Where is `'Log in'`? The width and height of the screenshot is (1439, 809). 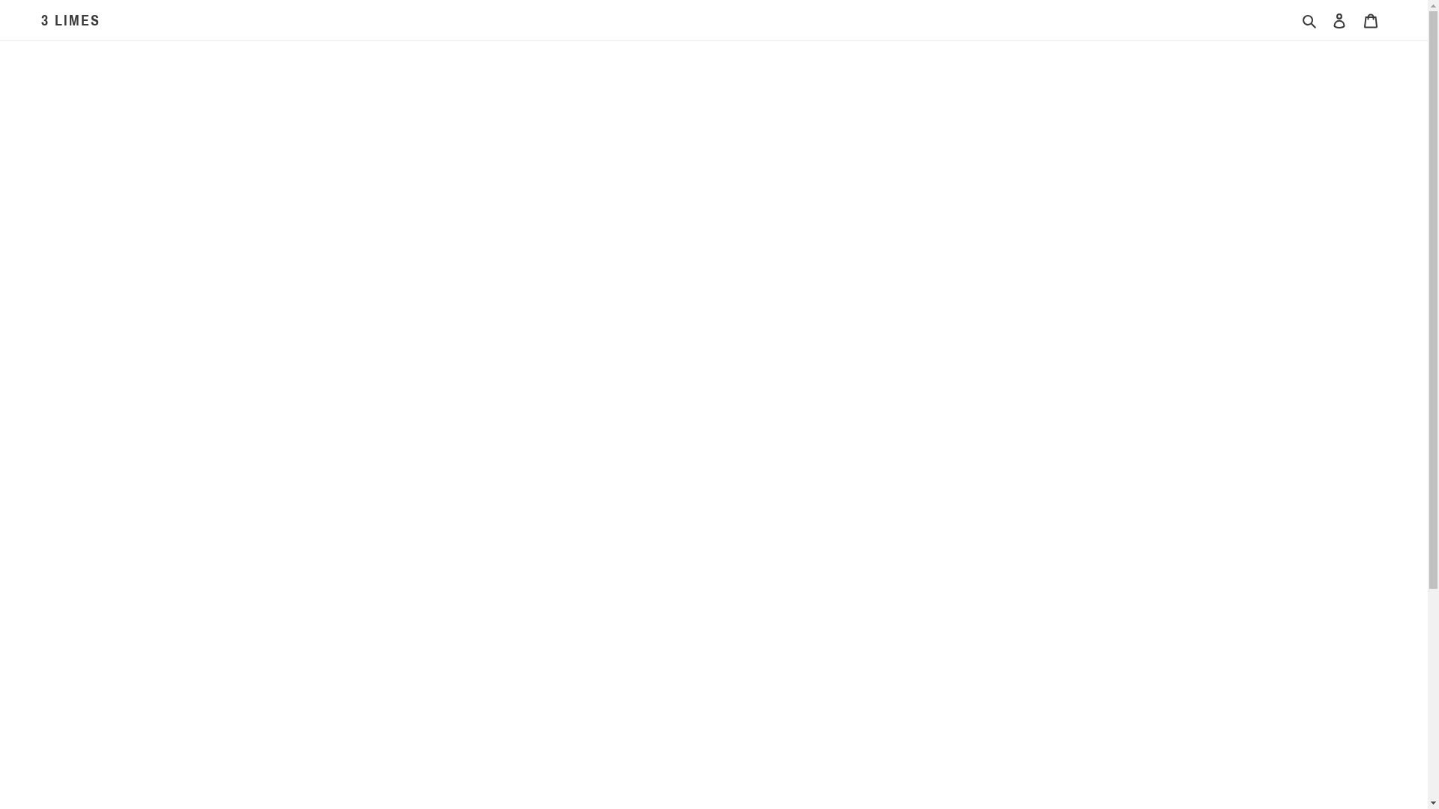 'Log in' is located at coordinates (1339, 20).